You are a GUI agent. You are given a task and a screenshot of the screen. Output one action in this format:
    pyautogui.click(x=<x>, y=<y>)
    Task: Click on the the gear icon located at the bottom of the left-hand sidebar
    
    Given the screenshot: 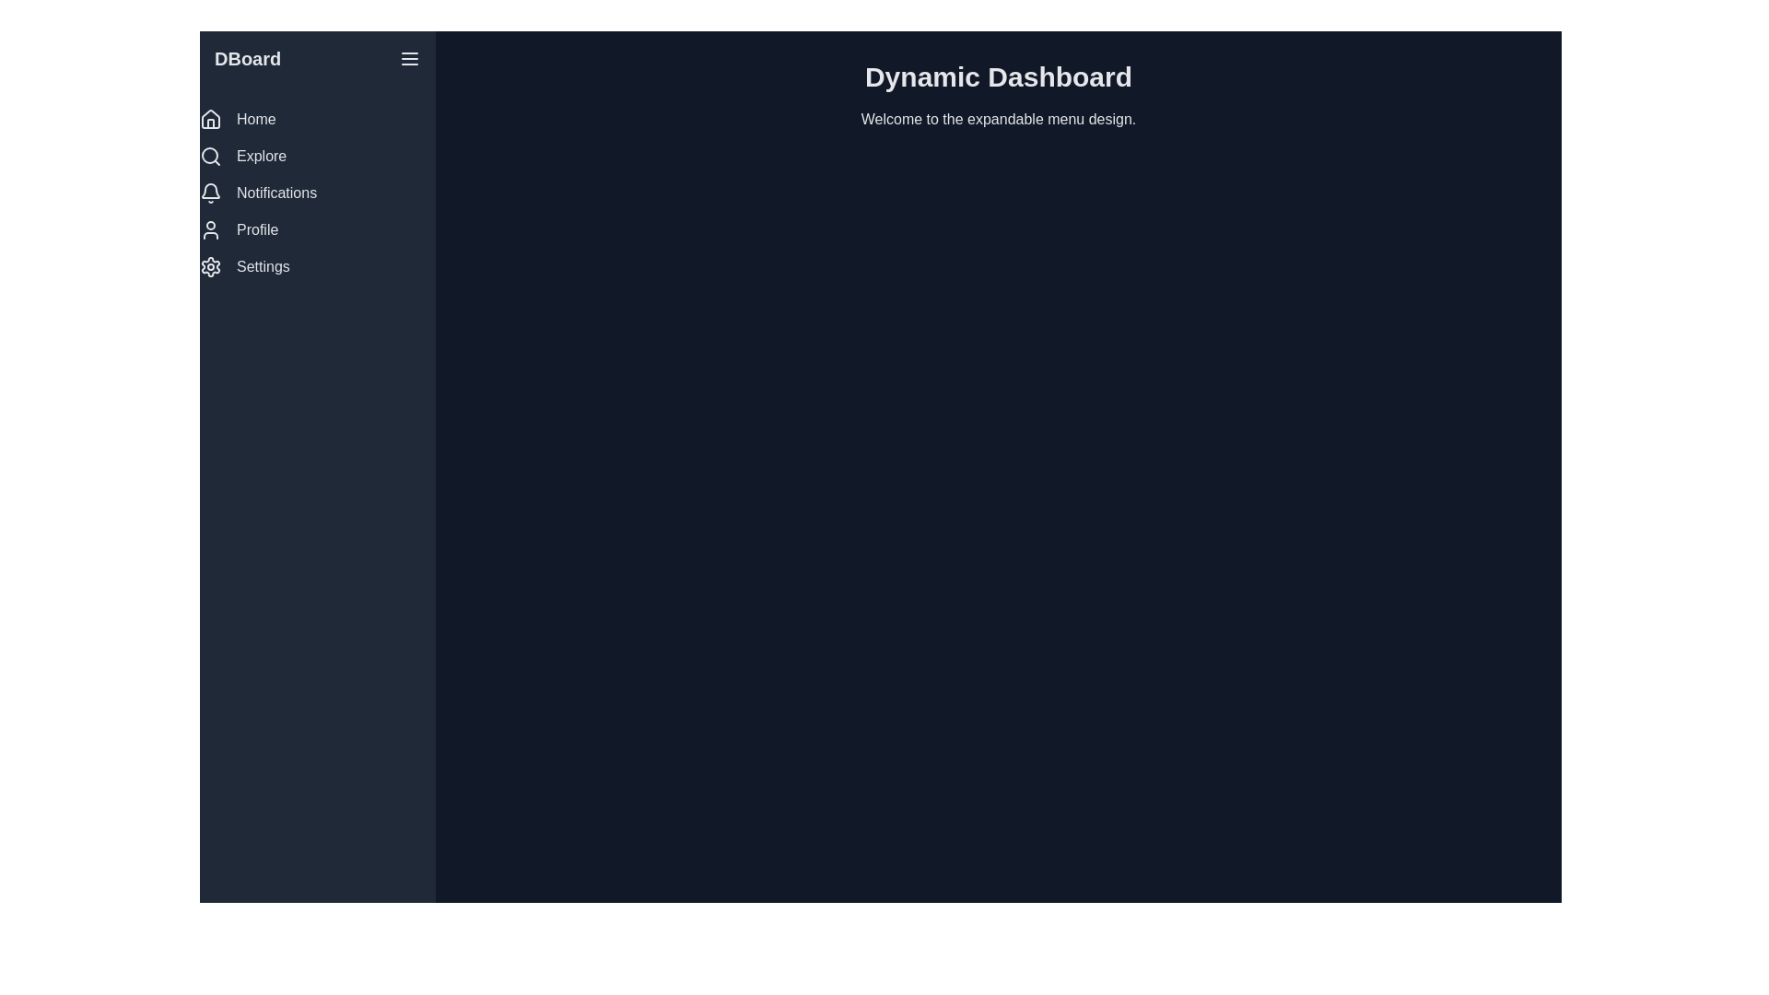 What is the action you would take?
    pyautogui.click(x=211, y=266)
    